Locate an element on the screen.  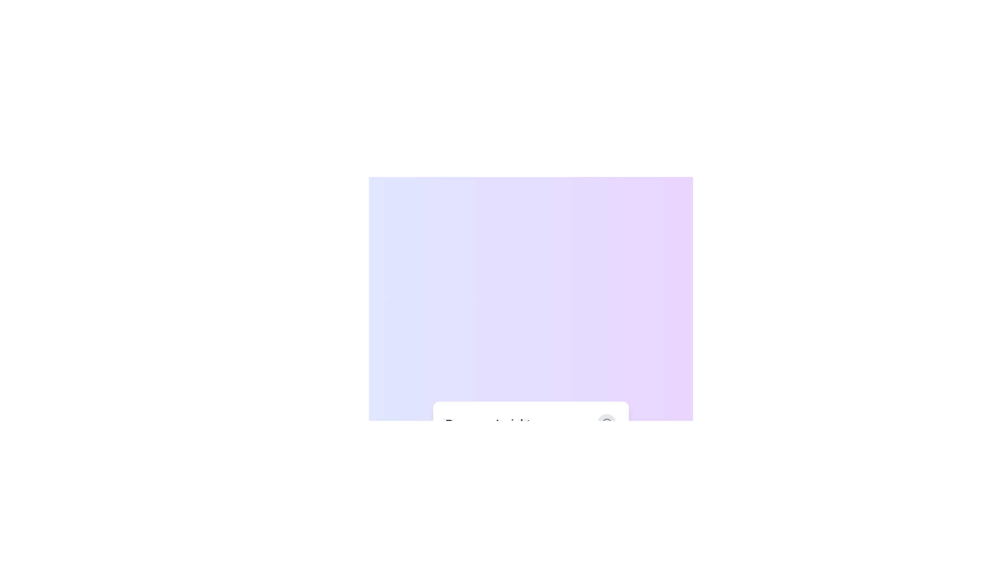
the circular gray button with an info symbol is located at coordinates (607, 423).